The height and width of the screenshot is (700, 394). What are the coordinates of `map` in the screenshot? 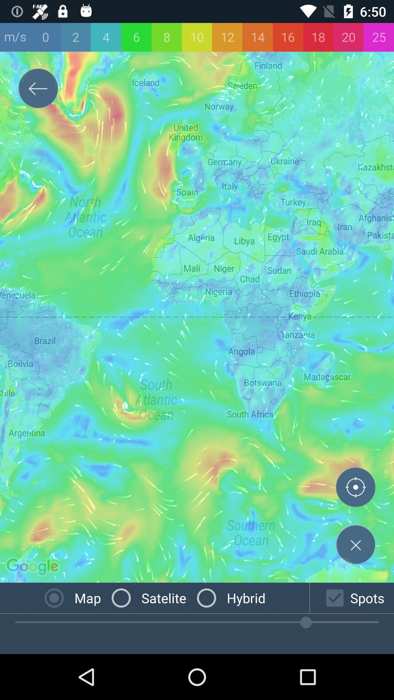 It's located at (355, 544).